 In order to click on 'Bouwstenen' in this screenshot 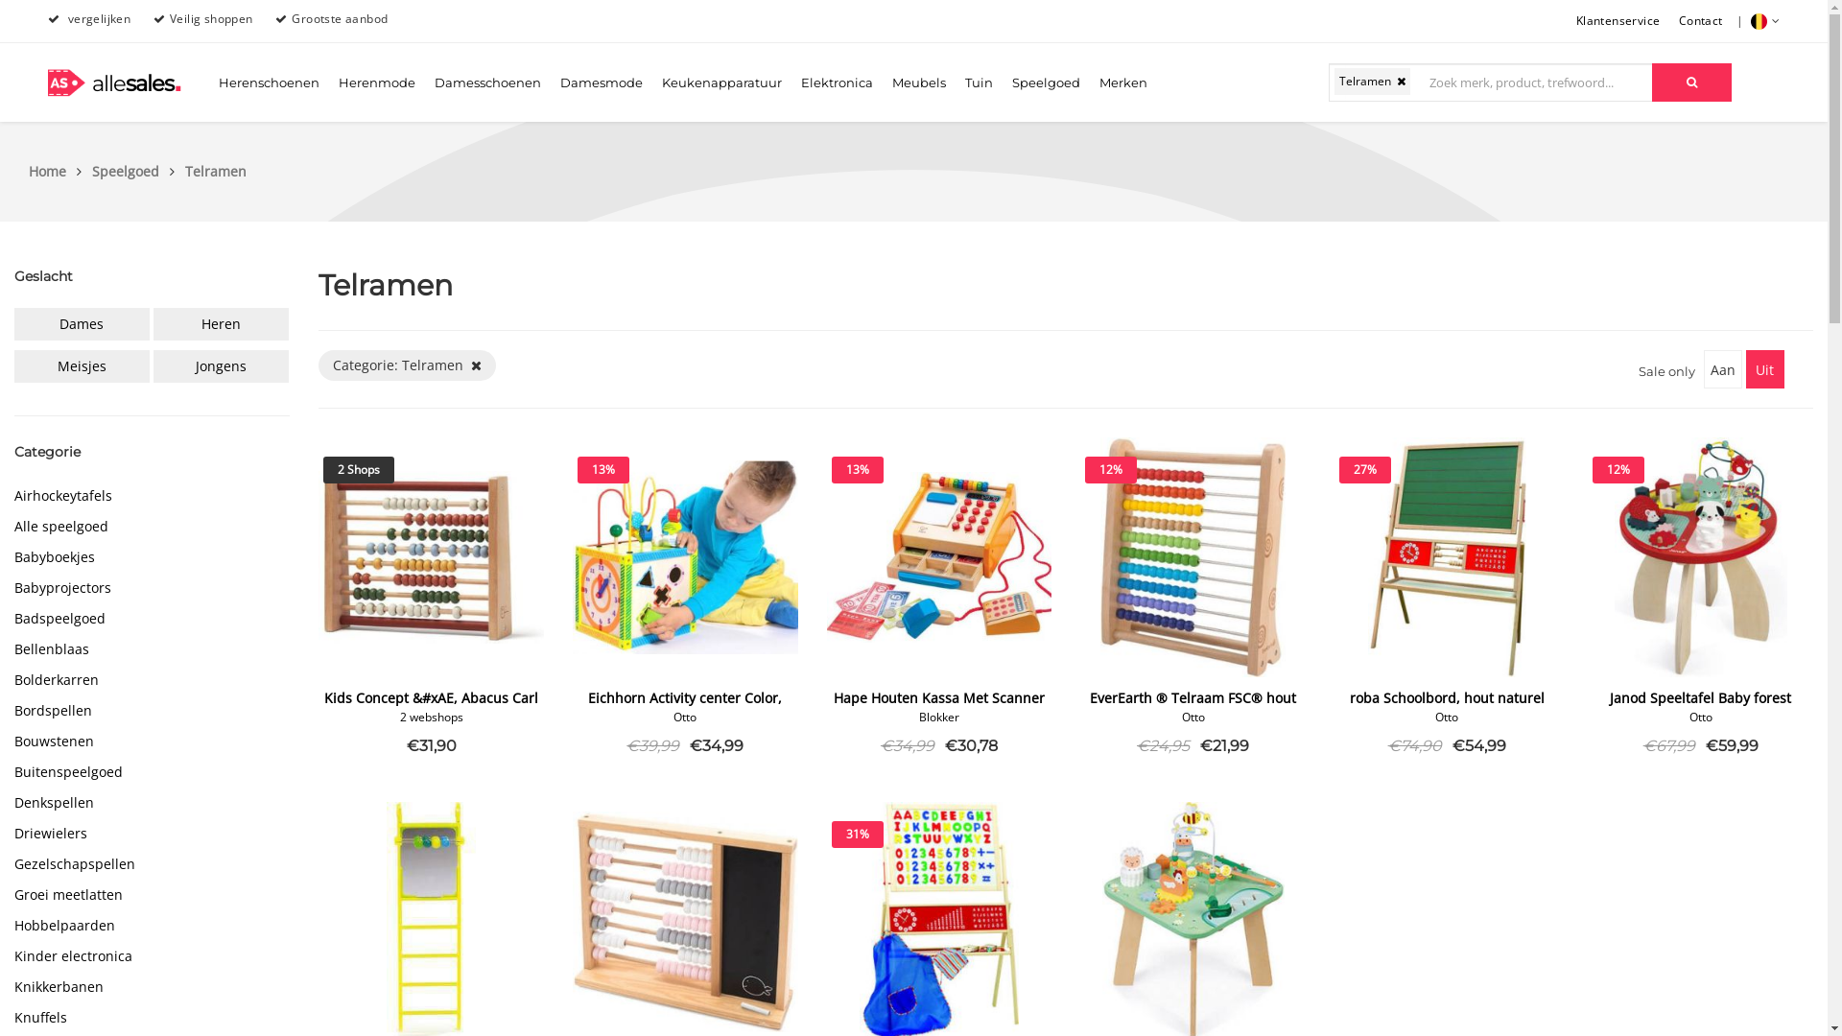, I will do `click(13, 740)`.